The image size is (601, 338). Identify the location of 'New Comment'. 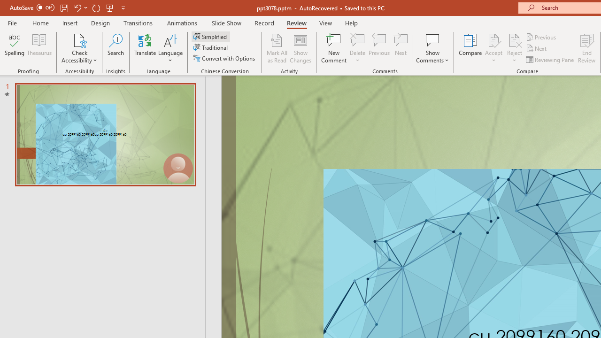
(334, 48).